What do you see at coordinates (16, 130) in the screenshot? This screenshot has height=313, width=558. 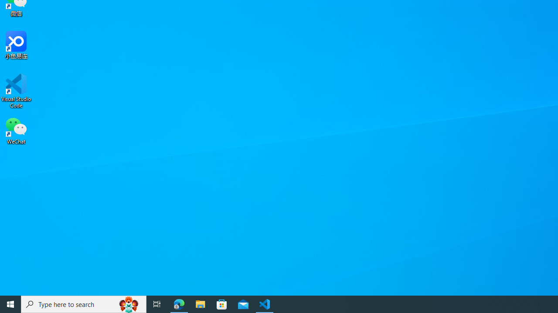 I see `'WeChat'` at bounding box center [16, 130].